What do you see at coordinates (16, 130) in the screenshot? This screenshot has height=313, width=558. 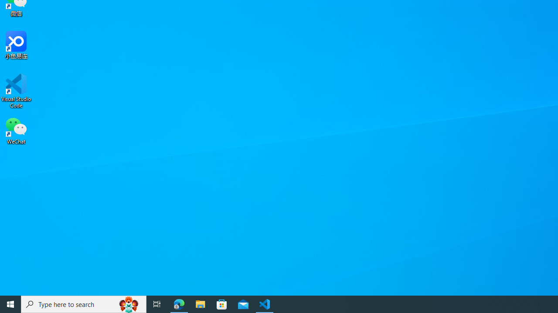 I see `'WeChat'` at bounding box center [16, 130].